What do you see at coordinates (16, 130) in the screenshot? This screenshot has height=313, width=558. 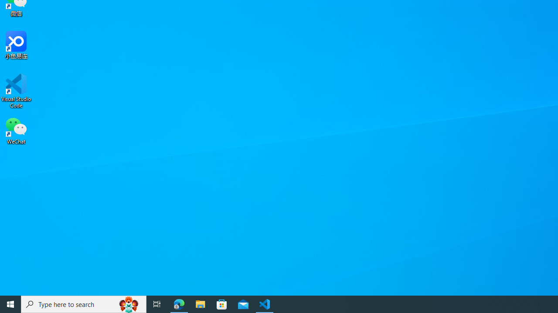 I see `'WeChat'` at bounding box center [16, 130].